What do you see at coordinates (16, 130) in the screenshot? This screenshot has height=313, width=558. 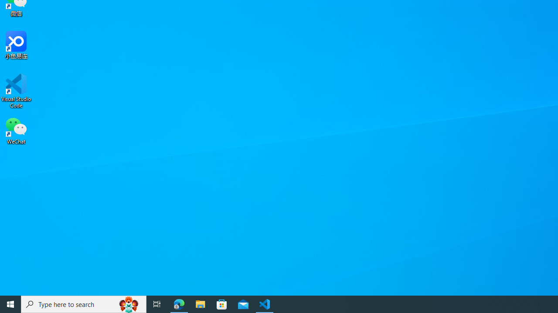 I see `'WeChat'` at bounding box center [16, 130].